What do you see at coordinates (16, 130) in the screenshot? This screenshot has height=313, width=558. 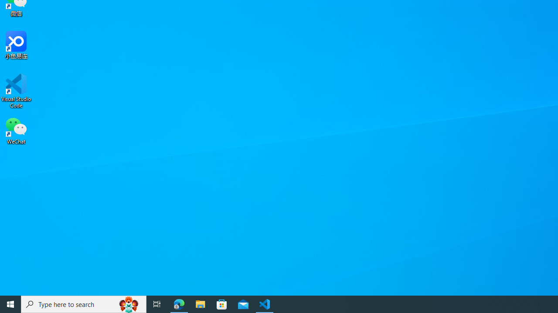 I see `'WeChat'` at bounding box center [16, 130].